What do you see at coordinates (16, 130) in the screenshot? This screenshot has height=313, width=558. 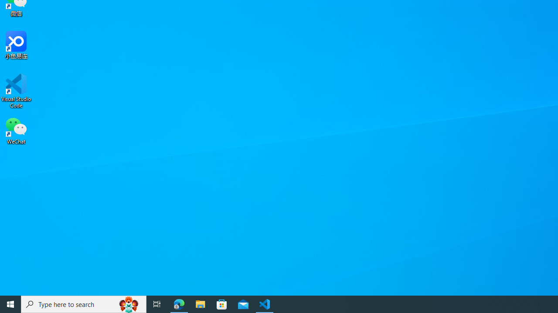 I see `'WeChat'` at bounding box center [16, 130].